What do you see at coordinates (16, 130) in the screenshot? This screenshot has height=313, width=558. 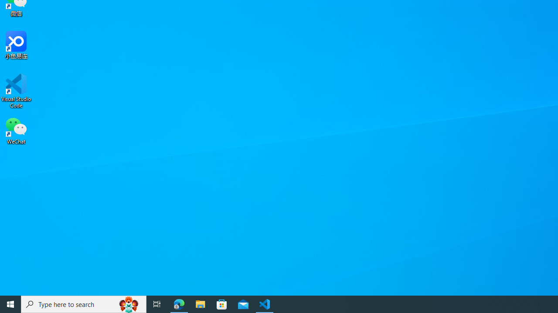 I see `'WeChat'` at bounding box center [16, 130].